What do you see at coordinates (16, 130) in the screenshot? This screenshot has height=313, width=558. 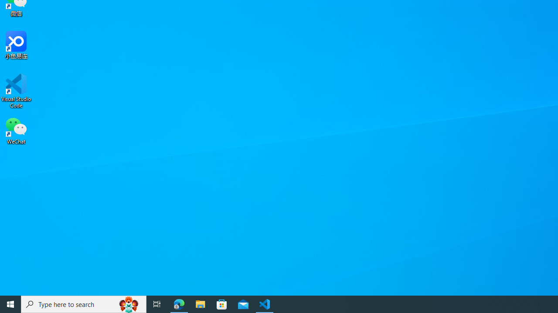 I see `'WeChat'` at bounding box center [16, 130].